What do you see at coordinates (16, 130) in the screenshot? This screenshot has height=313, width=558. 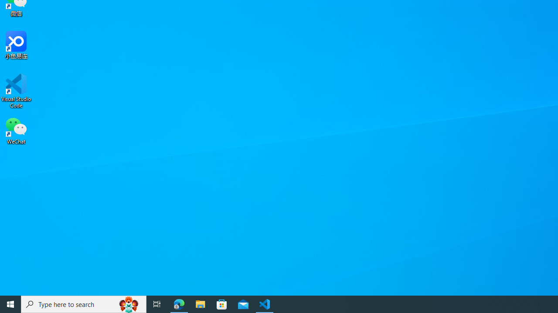 I see `'WeChat'` at bounding box center [16, 130].